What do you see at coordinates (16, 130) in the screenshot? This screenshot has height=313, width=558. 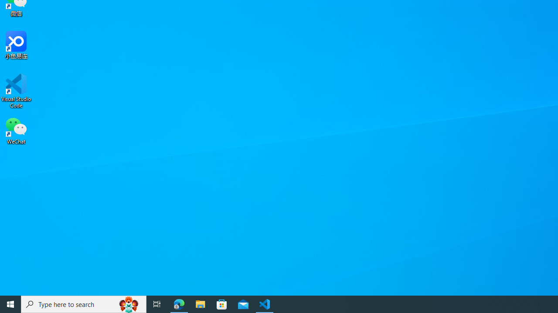 I see `'WeChat'` at bounding box center [16, 130].